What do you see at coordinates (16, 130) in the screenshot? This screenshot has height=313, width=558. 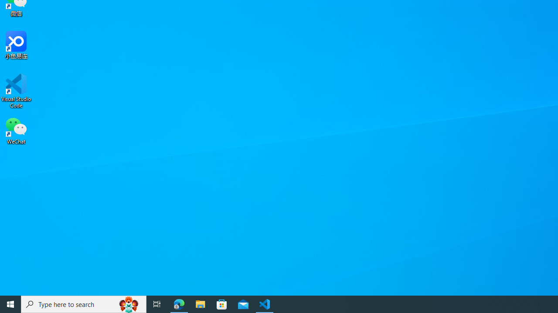 I see `'WeChat'` at bounding box center [16, 130].